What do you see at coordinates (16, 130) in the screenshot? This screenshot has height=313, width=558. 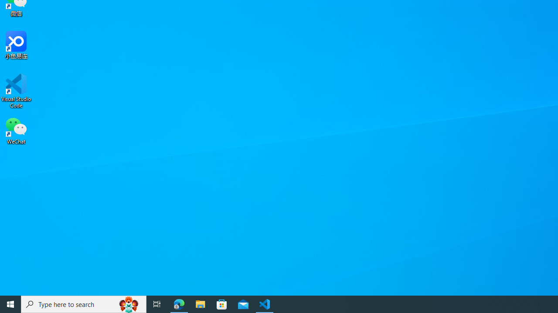 I see `'WeChat'` at bounding box center [16, 130].